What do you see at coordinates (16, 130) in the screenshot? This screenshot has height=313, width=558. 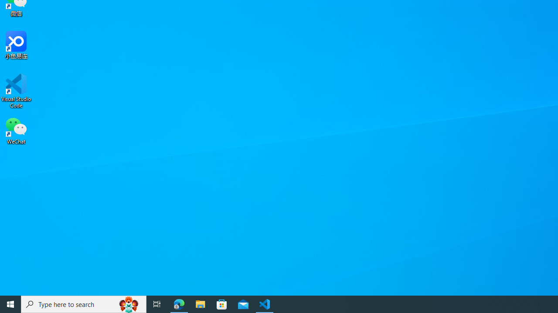 I see `'WeChat'` at bounding box center [16, 130].